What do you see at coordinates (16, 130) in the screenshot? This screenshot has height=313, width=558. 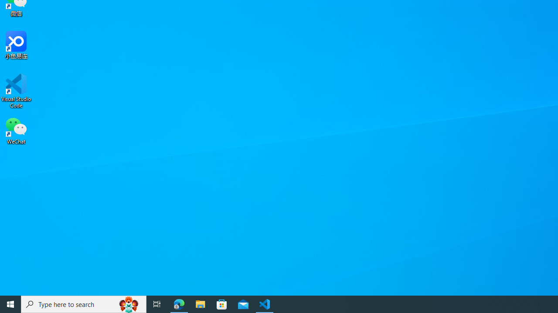 I see `'WeChat'` at bounding box center [16, 130].